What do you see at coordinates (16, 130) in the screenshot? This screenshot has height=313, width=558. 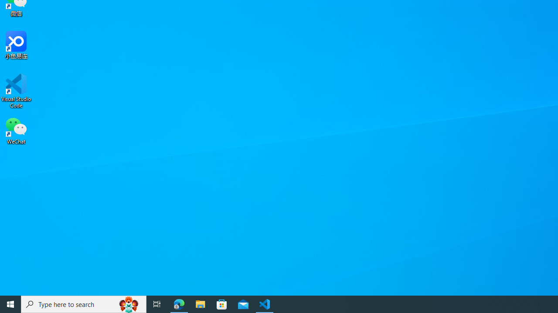 I see `'WeChat'` at bounding box center [16, 130].